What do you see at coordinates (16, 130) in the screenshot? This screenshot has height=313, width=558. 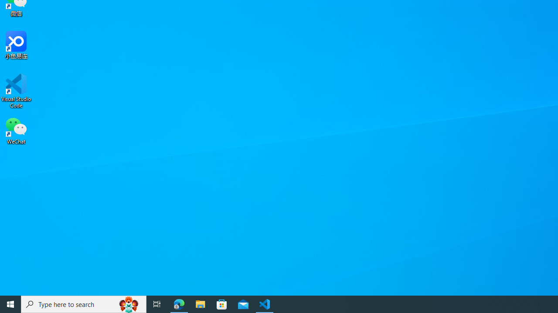 I see `'WeChat'` at bounding box center [16, 130].